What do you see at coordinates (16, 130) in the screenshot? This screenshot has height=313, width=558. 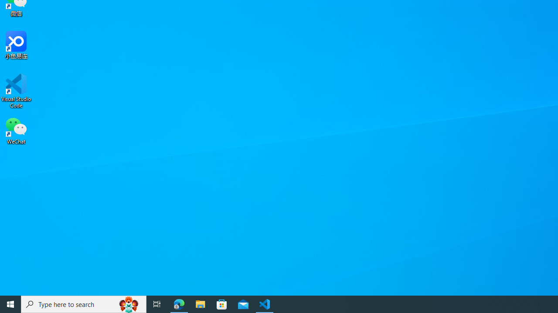 I see `'WeChat'` at bounding box center [16, 130].